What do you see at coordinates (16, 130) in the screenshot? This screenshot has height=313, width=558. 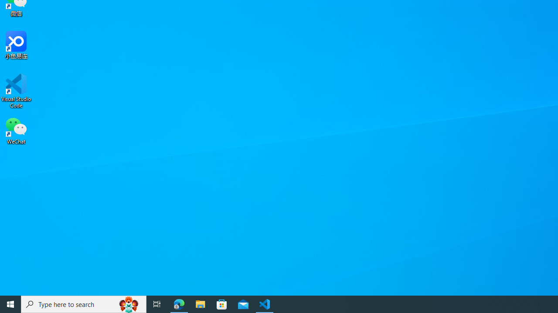 I see `'WeChat'` at bounding box center [16, 130].